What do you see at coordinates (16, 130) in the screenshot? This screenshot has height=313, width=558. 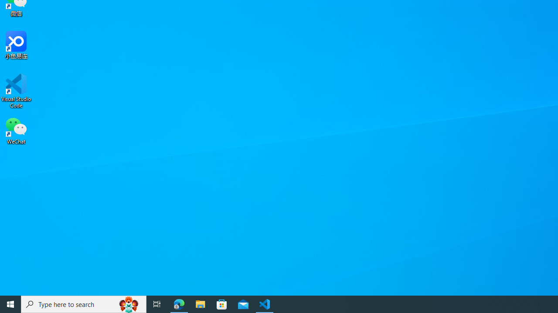 I see `'WeChat'` at bounding box center [16, 130].